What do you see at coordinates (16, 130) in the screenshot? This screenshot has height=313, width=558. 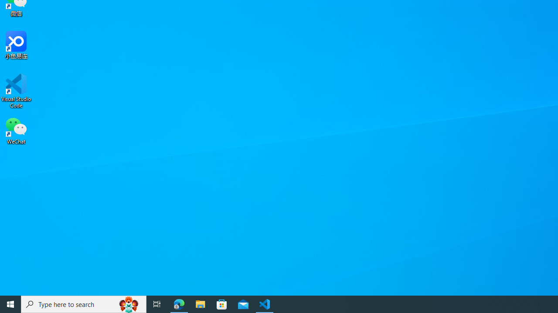 I see `'WeChat'` at bounding box center [16, 130].